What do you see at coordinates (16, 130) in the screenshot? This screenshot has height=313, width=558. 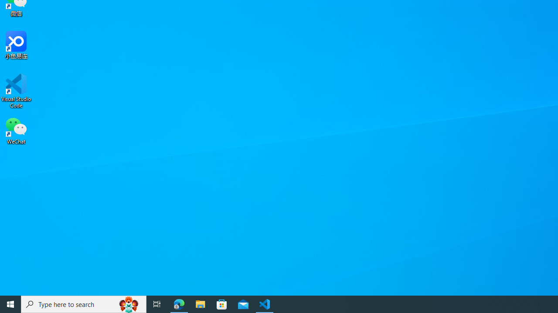 I see `'WeChat'` at bounding box center [16, 130].